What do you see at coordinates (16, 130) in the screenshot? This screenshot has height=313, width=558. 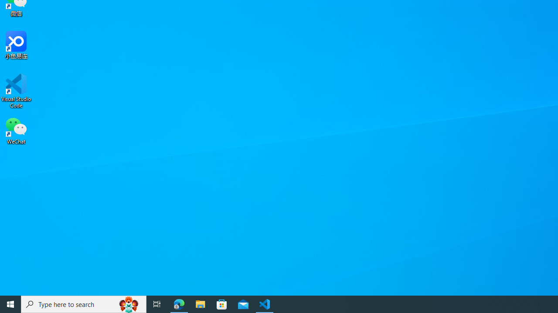 I see `'WeChat'` at bounding box center [16, 130].